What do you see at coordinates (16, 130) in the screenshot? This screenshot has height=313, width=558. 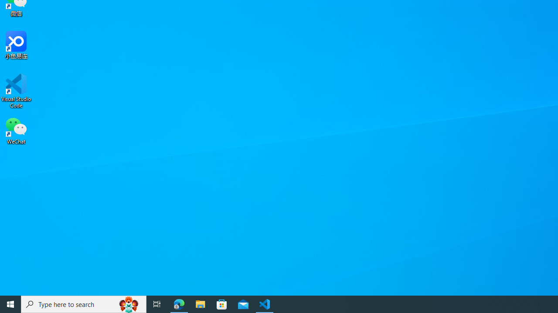 I see `'WeChat'` at bounding box center [16, 130].